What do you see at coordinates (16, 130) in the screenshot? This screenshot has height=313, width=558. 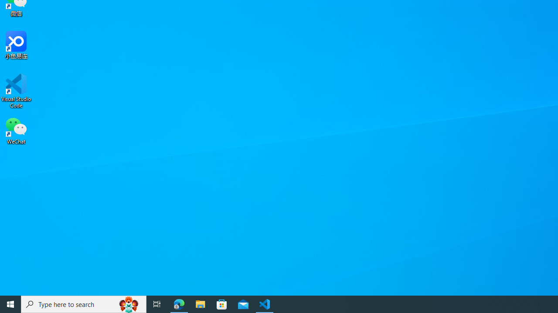 I see `'WeChat'` at bounding box center [16, 130].